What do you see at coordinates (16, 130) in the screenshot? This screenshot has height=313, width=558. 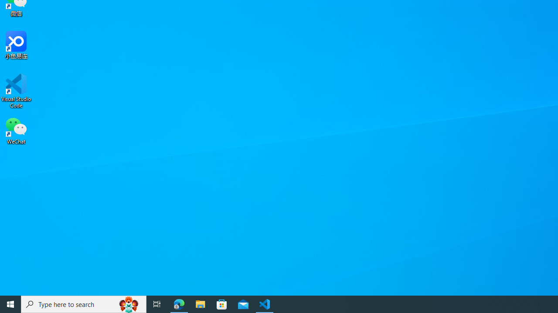 I see `'WeChat'` at bounding box center [16, 130].